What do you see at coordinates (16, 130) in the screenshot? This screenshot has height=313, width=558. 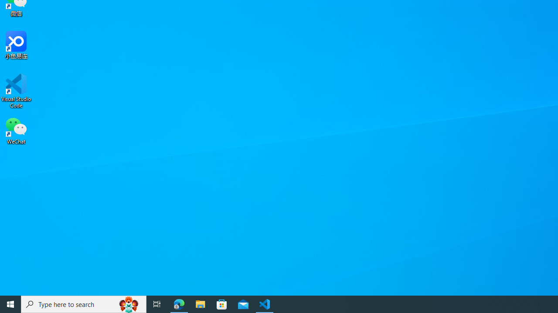 I see `'WeChat'` at bounding box center [16, 130].